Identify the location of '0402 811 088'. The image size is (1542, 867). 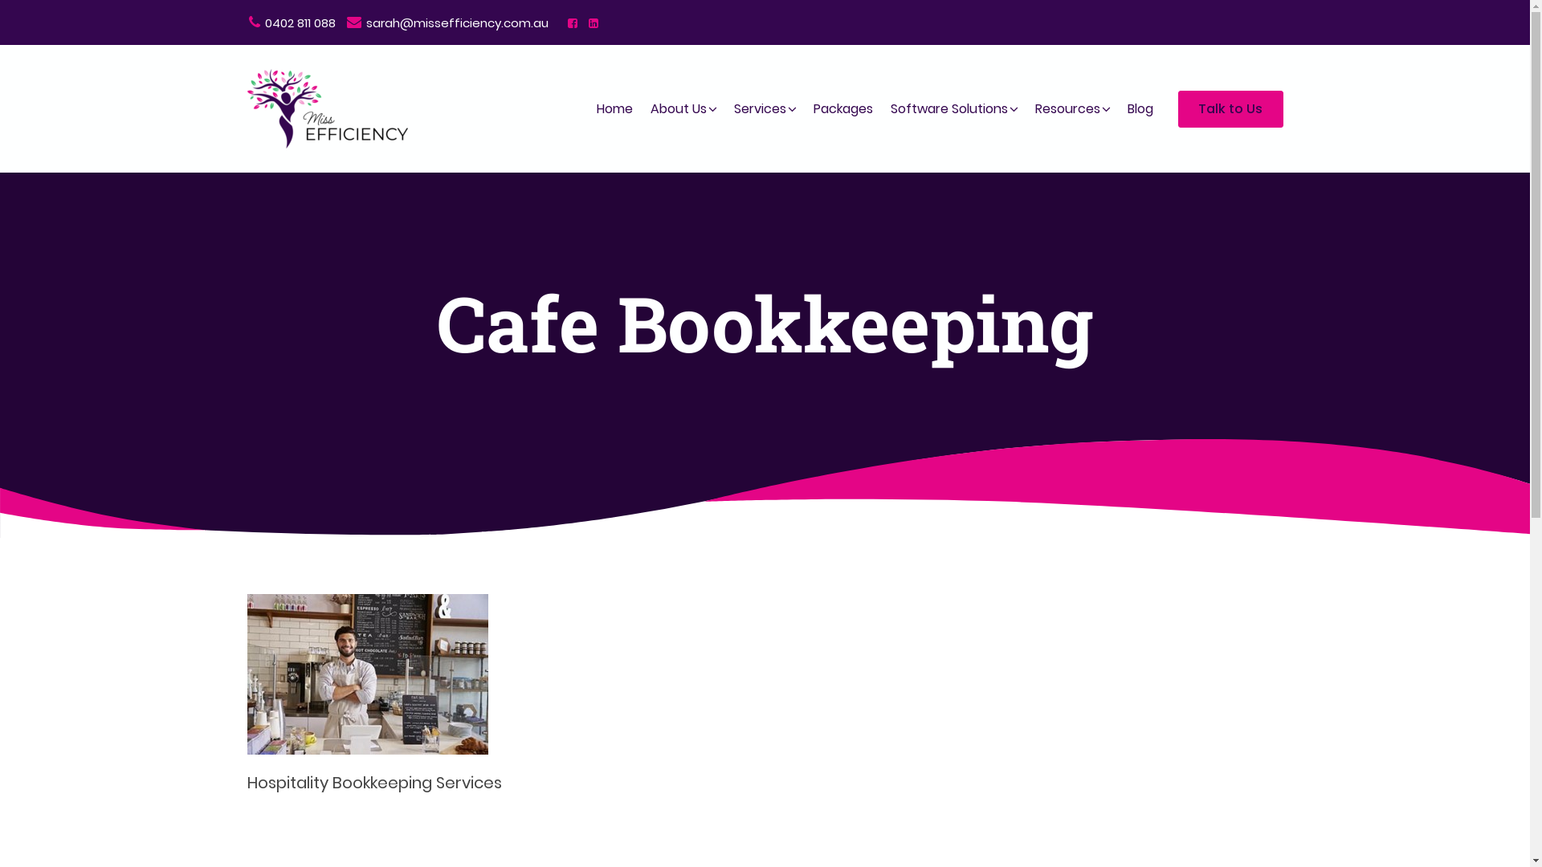
(292, 22).